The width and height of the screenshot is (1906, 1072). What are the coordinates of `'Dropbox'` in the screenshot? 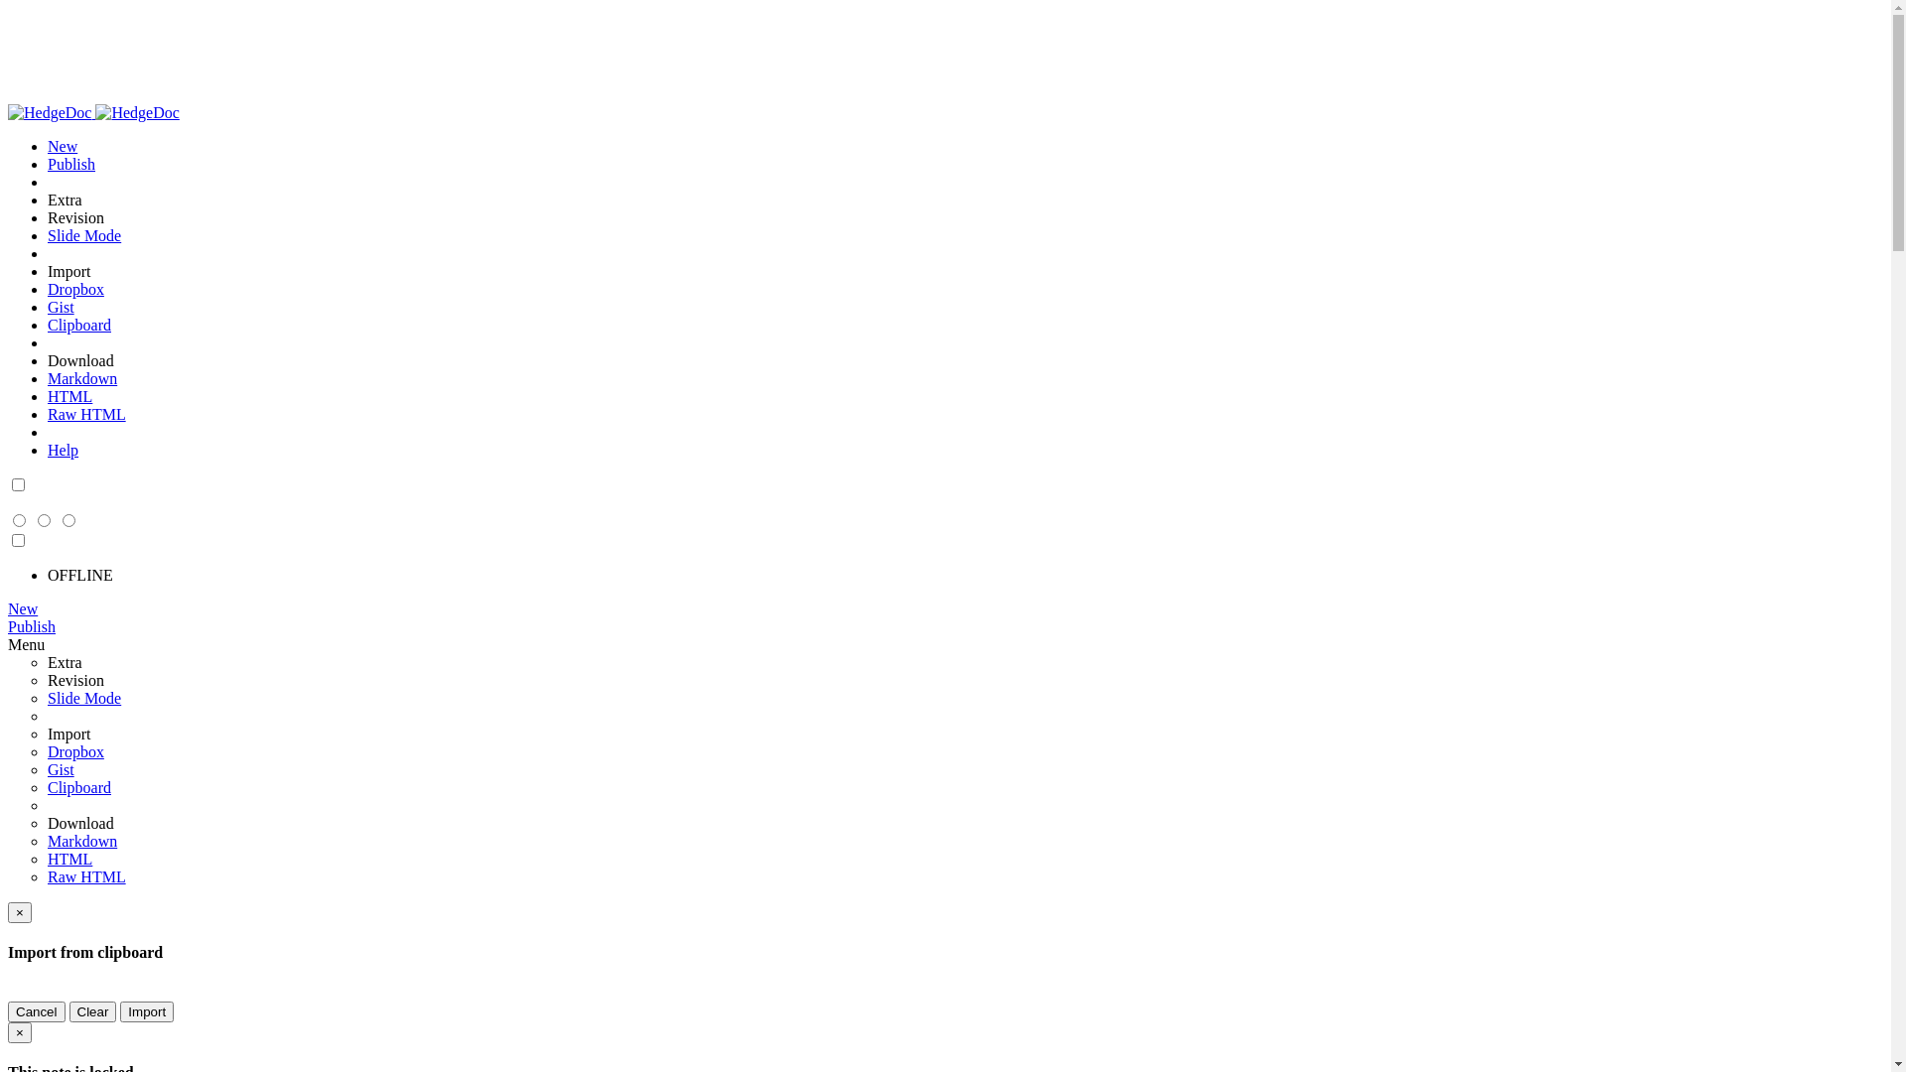 It's located at (75, 289).